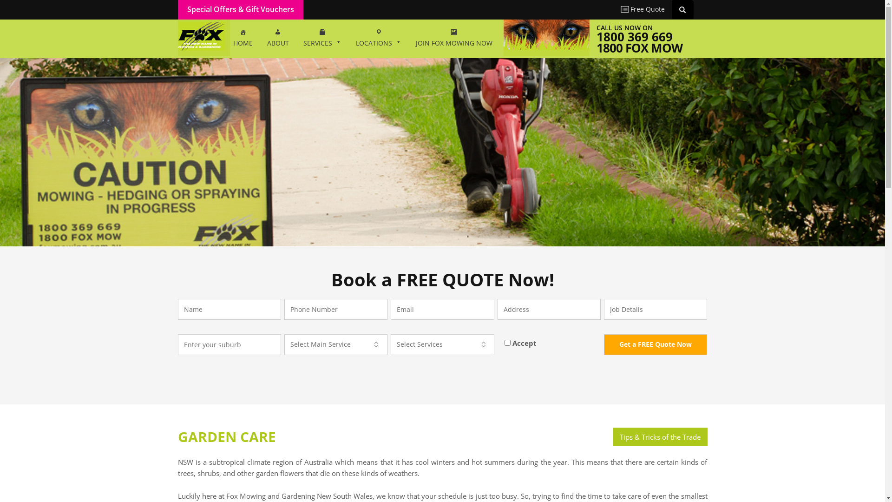  I want to click on 'JOIN FOX MOWING NOW', so click(454, 38).